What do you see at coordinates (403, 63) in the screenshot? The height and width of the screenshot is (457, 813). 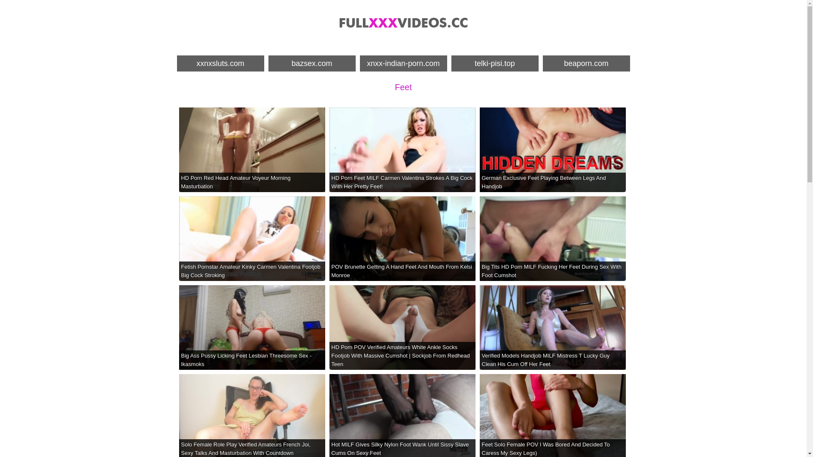 I see `'xnxx-indian-porn.com'` at bounding box center [403, 63].